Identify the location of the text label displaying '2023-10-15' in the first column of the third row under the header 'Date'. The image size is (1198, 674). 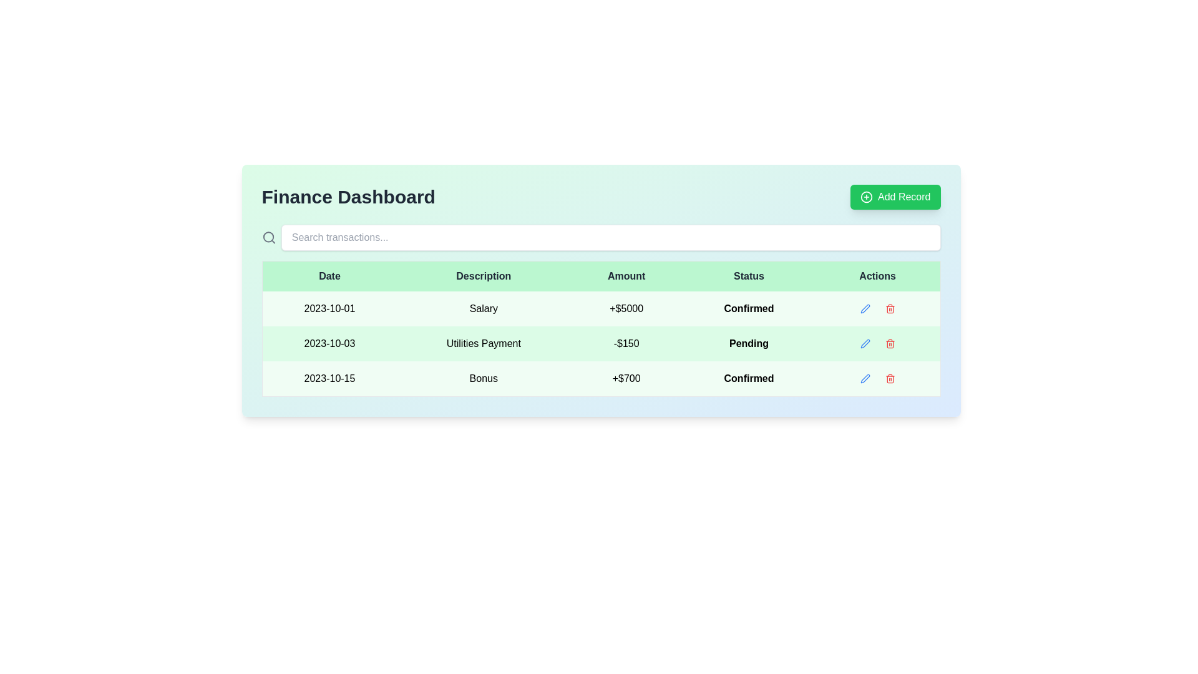
(329, 378).